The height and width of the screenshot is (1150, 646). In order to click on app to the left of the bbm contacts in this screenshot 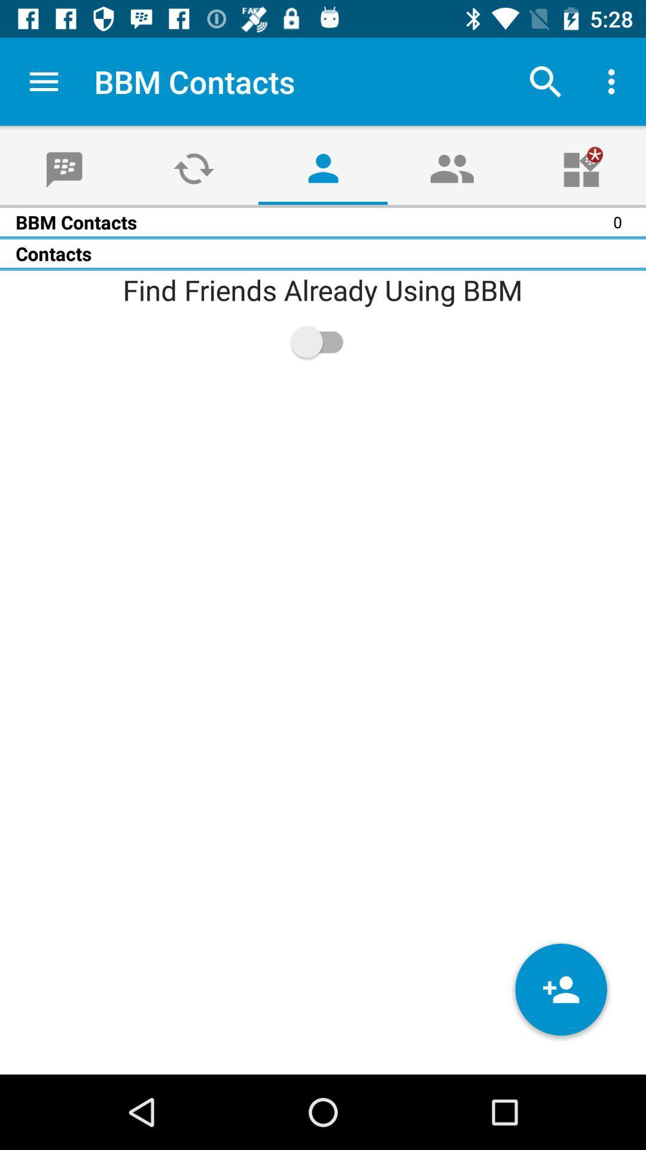, I will do `click(43, 81)`.